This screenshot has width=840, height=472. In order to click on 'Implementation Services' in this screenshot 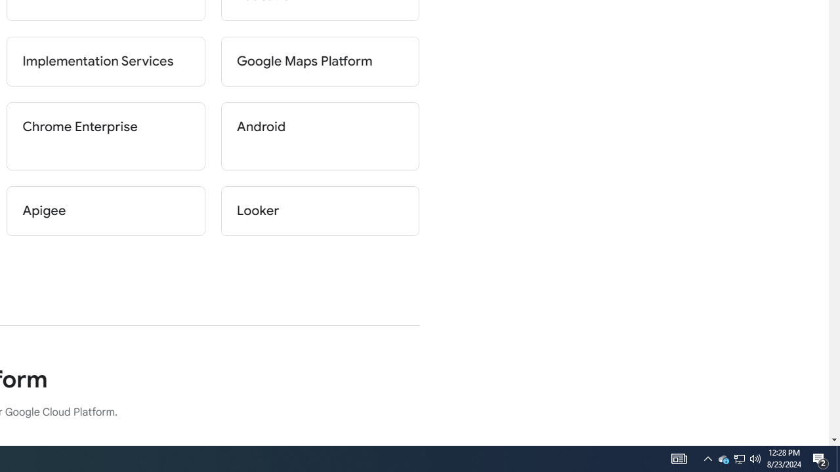, I will do `click(106, 61)`.